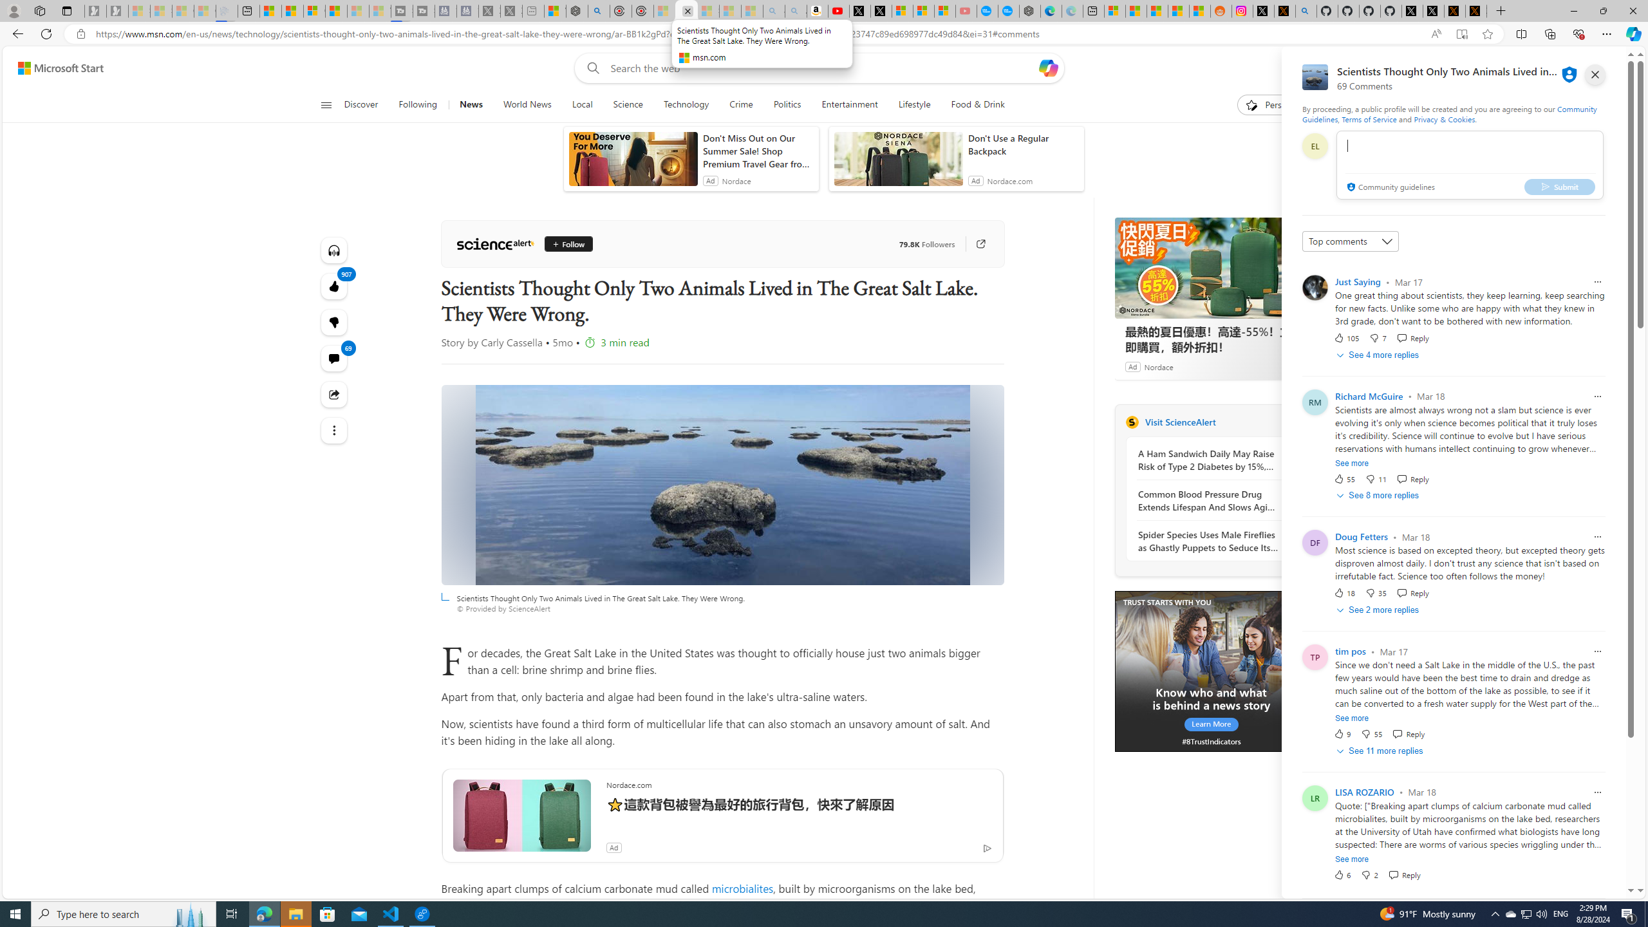  I want to click on 'close', so click(1595, 73).